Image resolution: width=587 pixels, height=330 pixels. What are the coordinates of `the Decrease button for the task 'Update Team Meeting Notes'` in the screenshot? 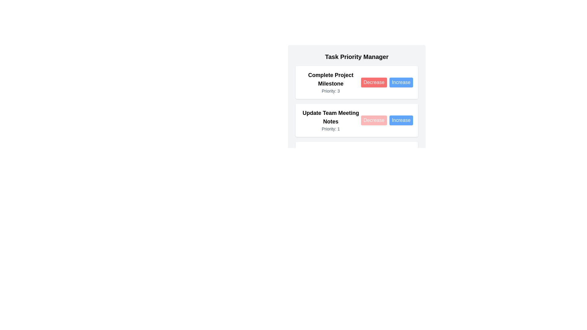 It's located at (374, 120).